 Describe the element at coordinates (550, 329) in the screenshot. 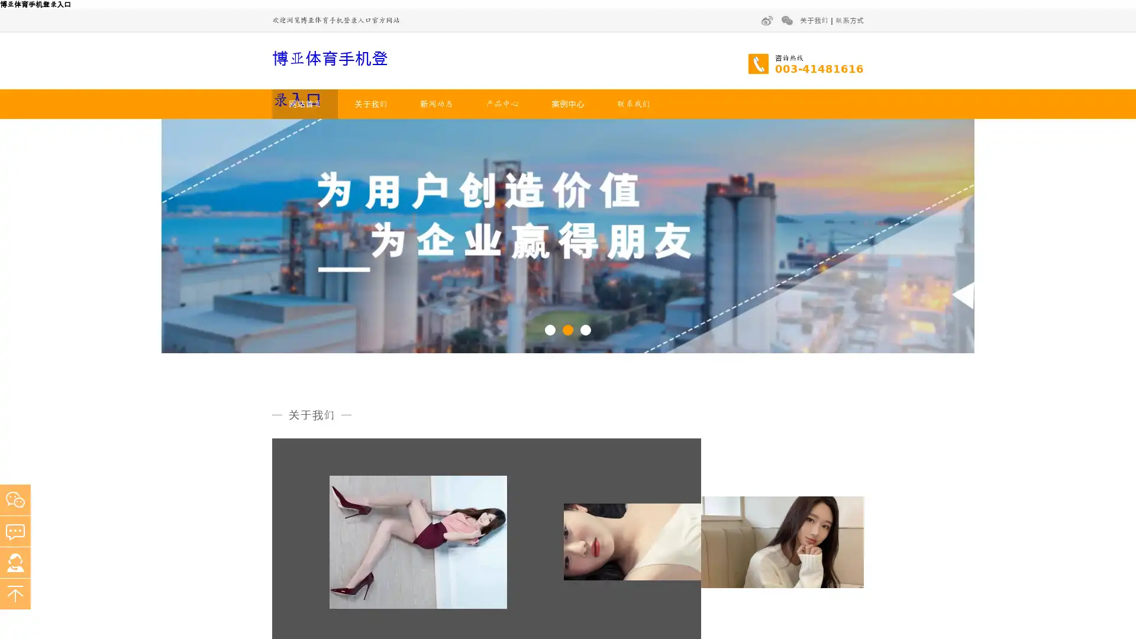

I see `1` at that location.